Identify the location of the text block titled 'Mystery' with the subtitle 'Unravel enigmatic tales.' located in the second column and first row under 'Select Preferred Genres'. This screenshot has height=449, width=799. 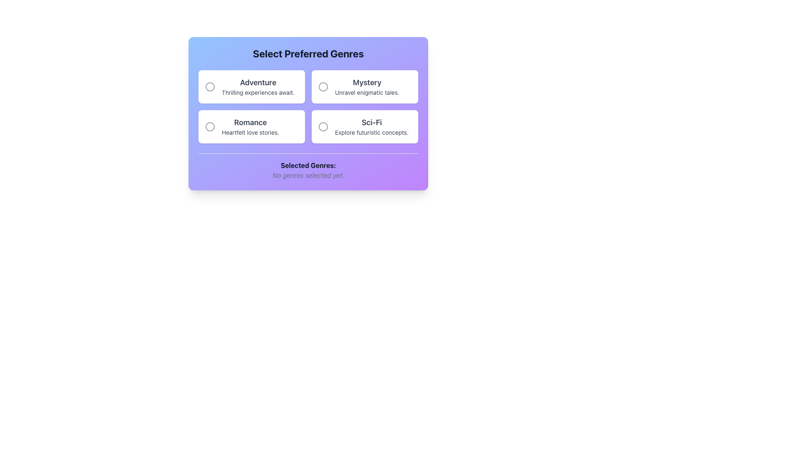
(367, 86).